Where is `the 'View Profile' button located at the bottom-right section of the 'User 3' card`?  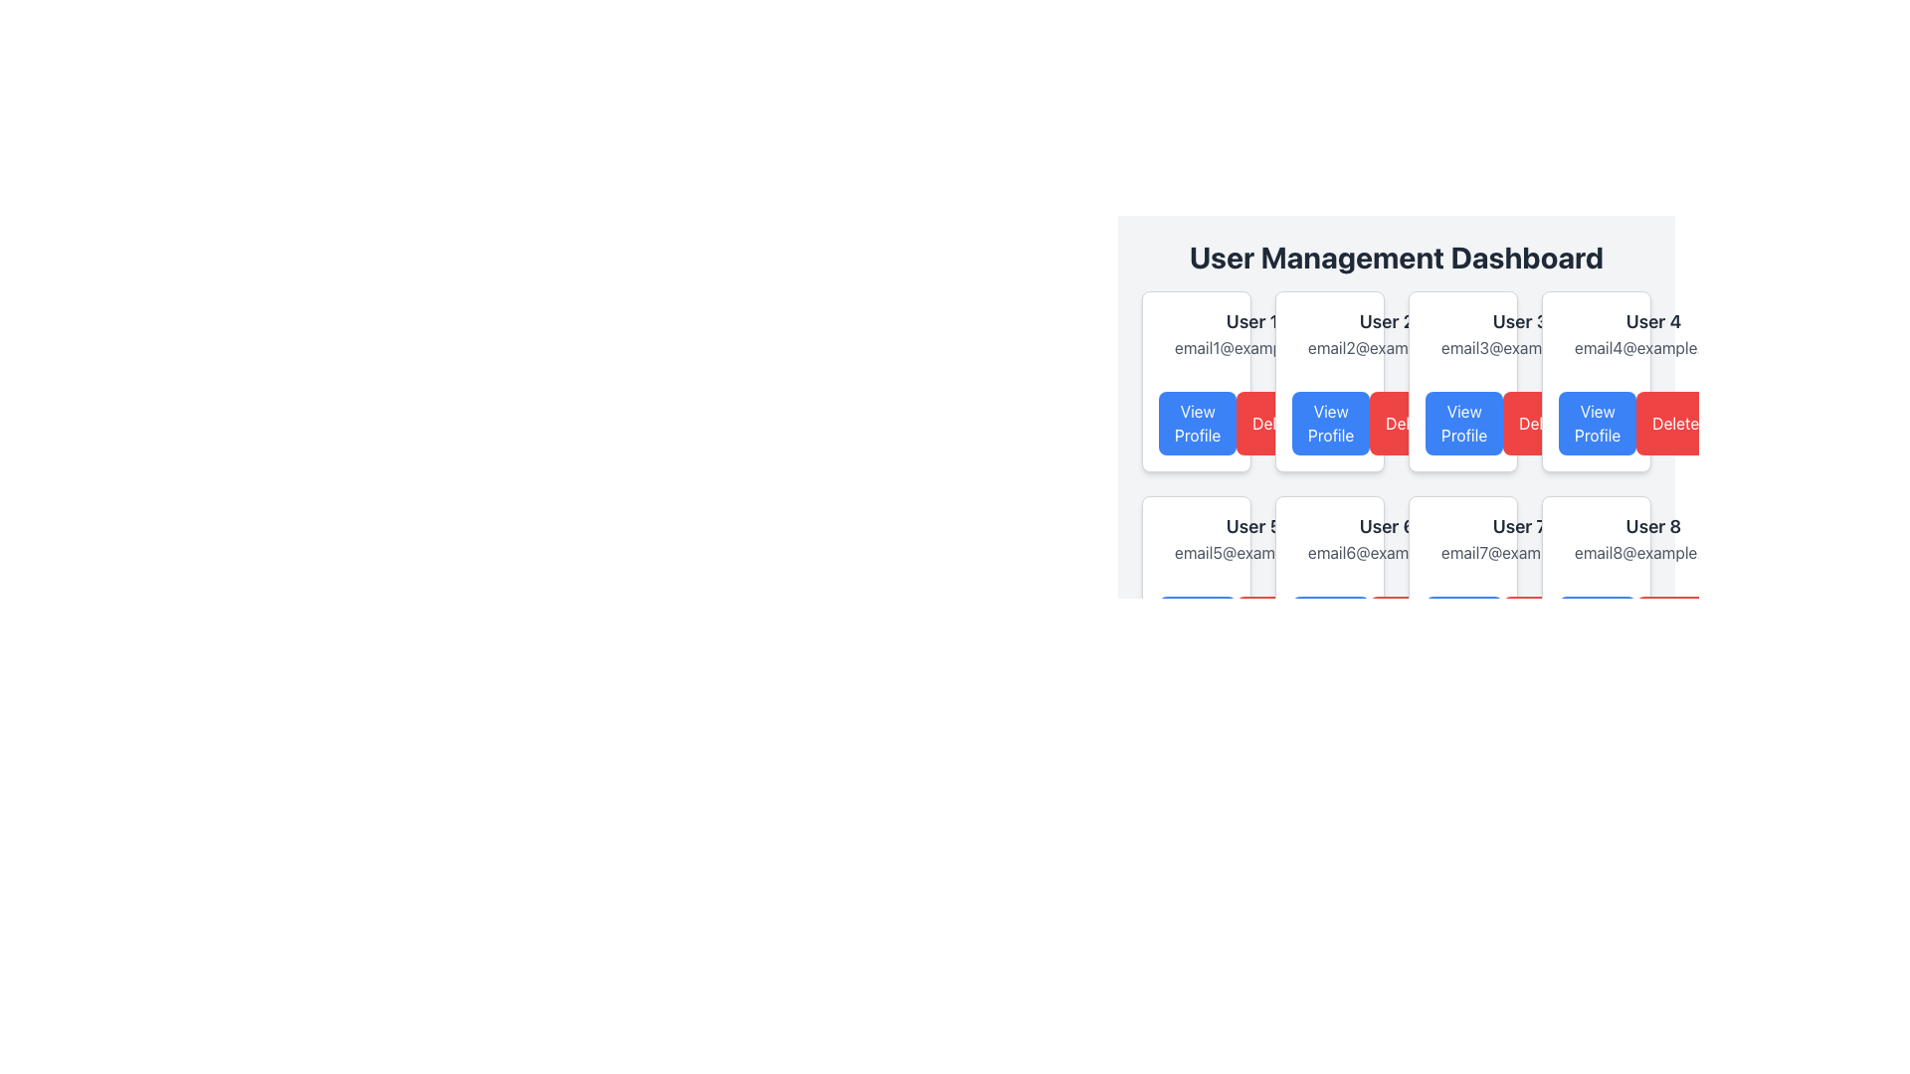 the 'View Profile' button located at the bottom-right section of the 'User 3' card is located at coordinates (1462, 422).